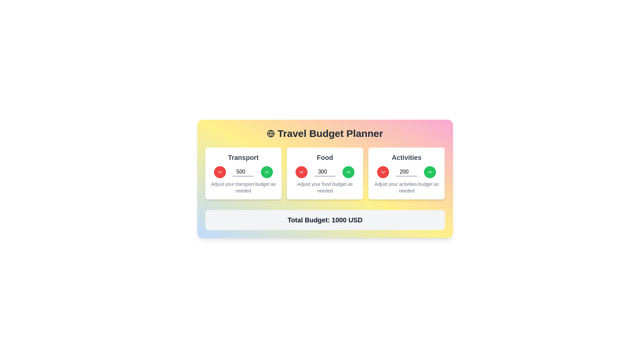  What do you see at coordinates (383, 172) in the screenshot?
I see `the circular red button with white text and a downward chevron icon, located in the 'Activities' card under the 'Travel Budget Planner' section, to decrement the budget` at bounding box center [383, 172].